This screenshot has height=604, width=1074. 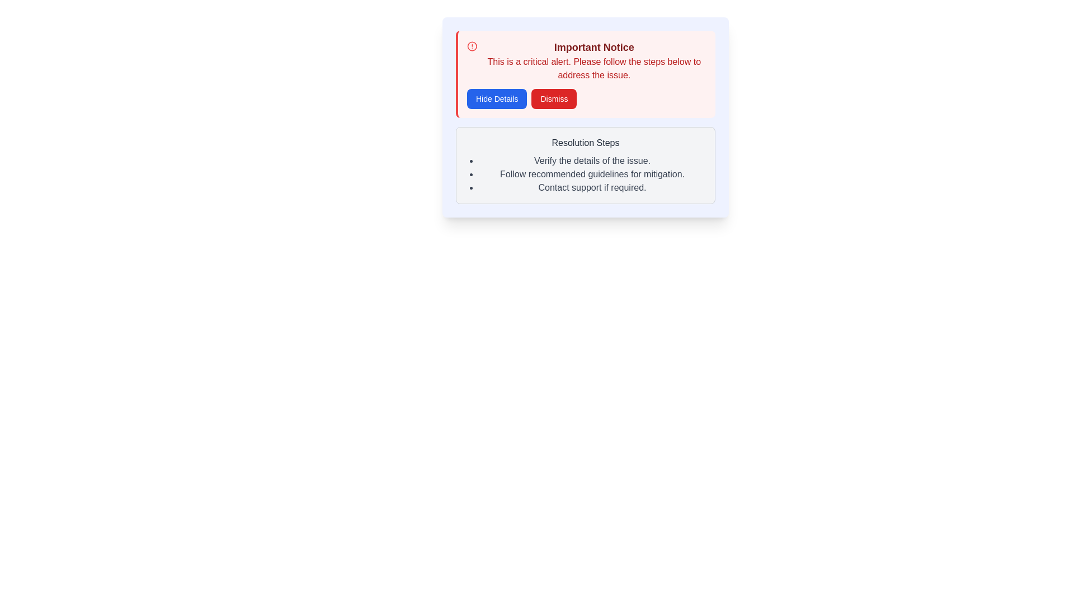 What do you see at coordinates (585, 142) in the screenshot?
I see `the 'Resolution Steps' text label, which is styled in bold dark gray font, located at the top of a light gray box with rounded corners, to focus on it` at bounding box center [585, 142].